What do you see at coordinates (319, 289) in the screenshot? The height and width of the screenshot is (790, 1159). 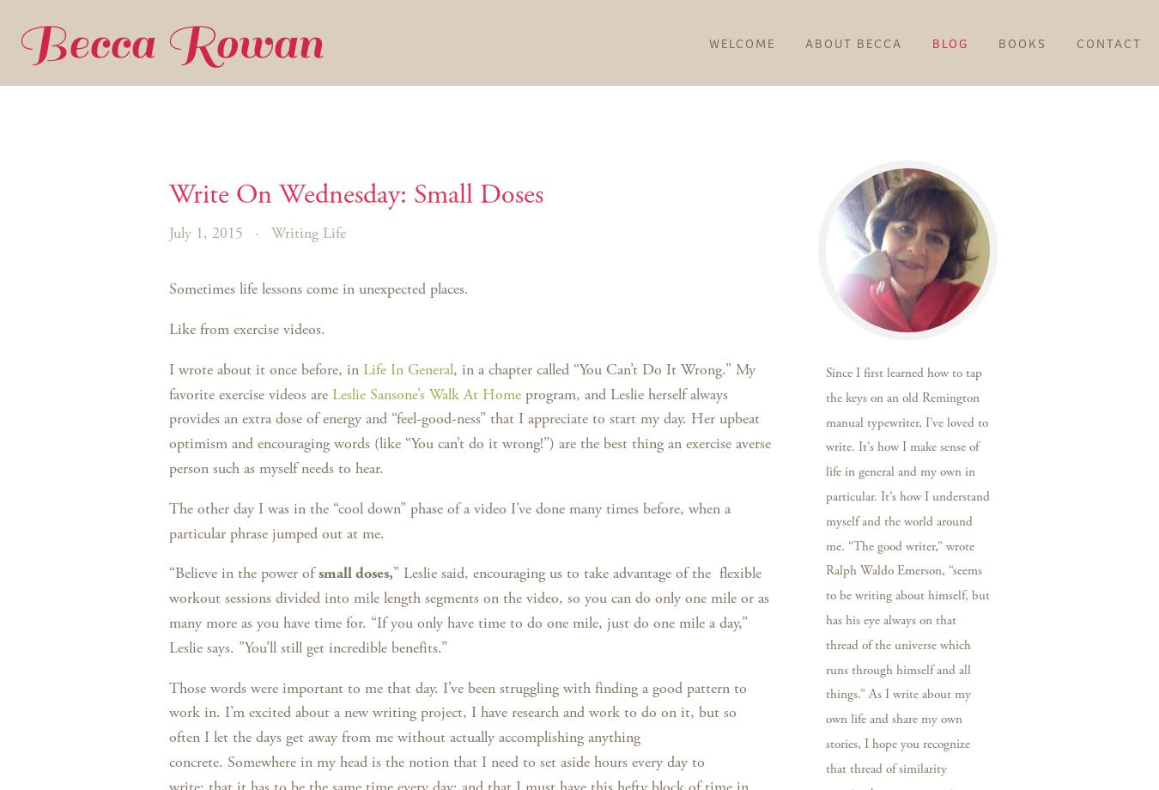 I see `'Sometimes life lessons come in unexpected places.'` at bounding box center [319, 289].